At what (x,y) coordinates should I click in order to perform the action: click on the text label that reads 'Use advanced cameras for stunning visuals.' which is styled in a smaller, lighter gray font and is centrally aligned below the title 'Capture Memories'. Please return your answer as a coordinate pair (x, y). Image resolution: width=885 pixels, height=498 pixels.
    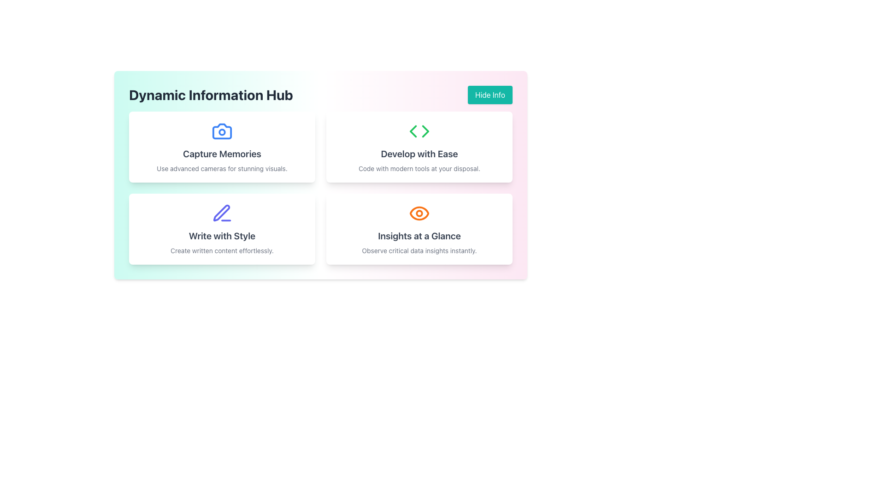
    Looking at the image, I should click on (222, 169).